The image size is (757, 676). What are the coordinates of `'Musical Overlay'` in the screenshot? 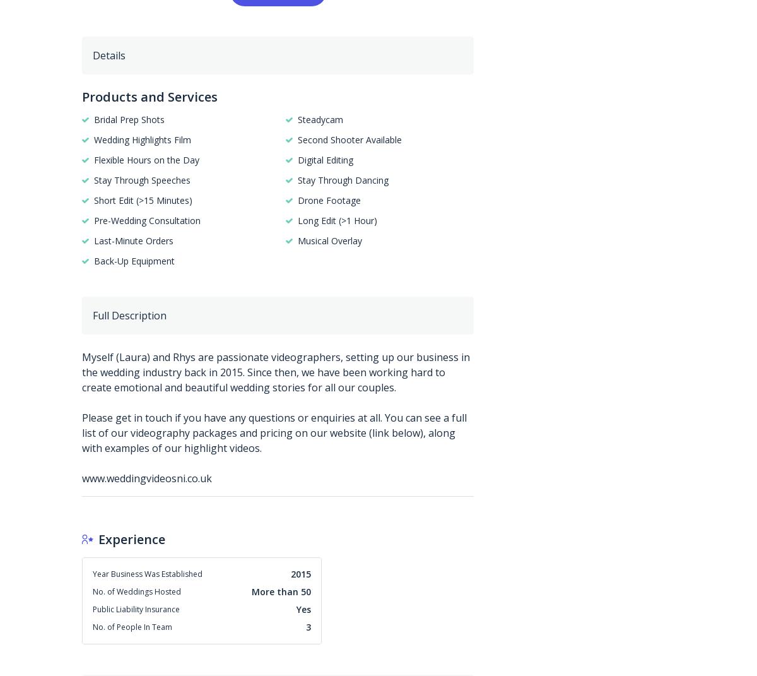 It's located at (329, 239).